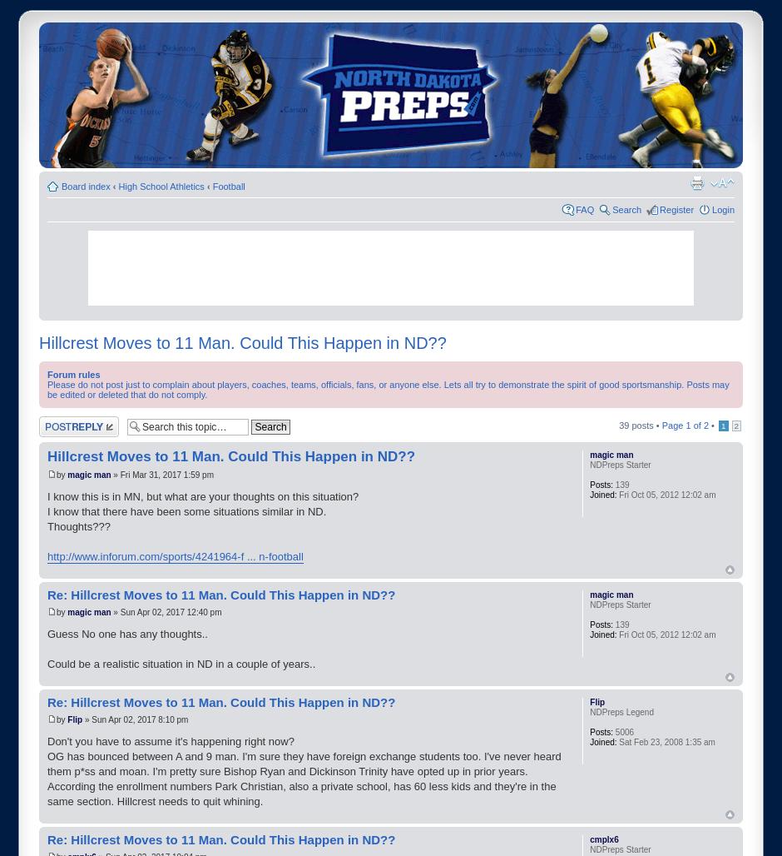  Describe the element at coordinates (723, 208) in the screenshot. I see `'Login'` at that location.